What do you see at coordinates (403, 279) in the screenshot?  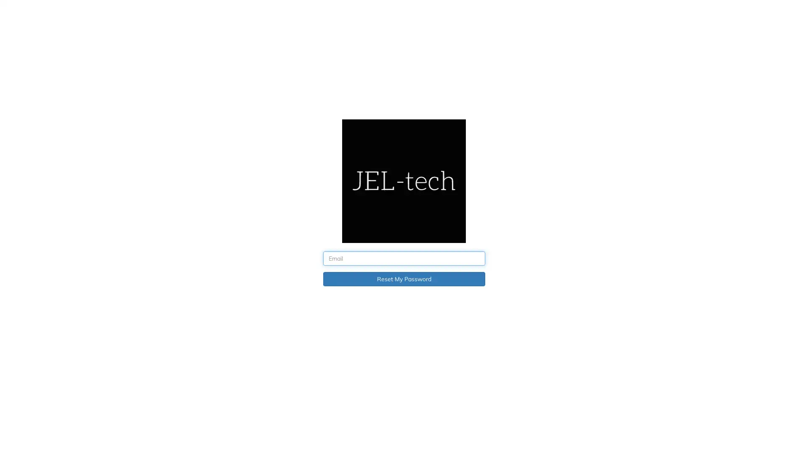 I see `Reset My Password` at bounding box center [403, 279].